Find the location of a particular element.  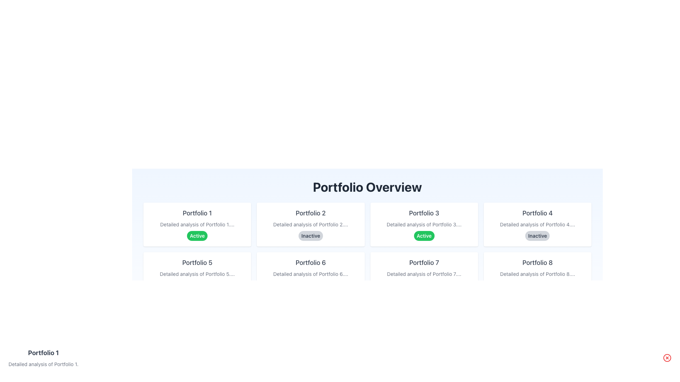

the text label 'Portfolio 1' displayed in bold gray font at the top of the first portfolio card to trigger potential tooltips is located at coordinates (197, 213).